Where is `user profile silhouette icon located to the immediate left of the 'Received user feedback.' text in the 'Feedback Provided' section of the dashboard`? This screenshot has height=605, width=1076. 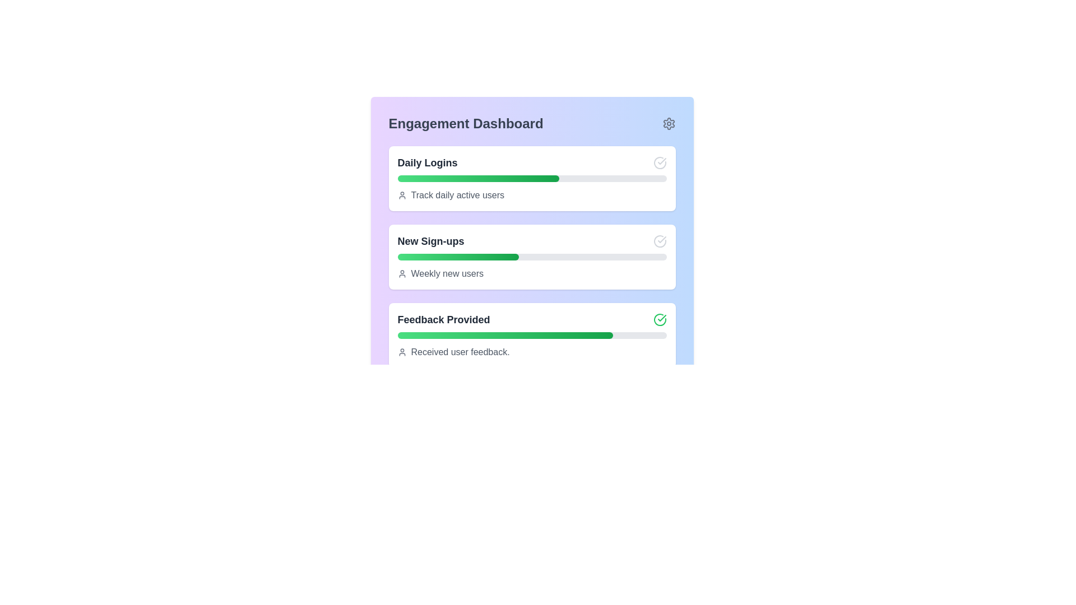 user profile silhouette icon located to the immediate left of the 'Received user feedback.' text in the 'Feedback Provided' section of the dashboard is located at coordinates (402, 351).